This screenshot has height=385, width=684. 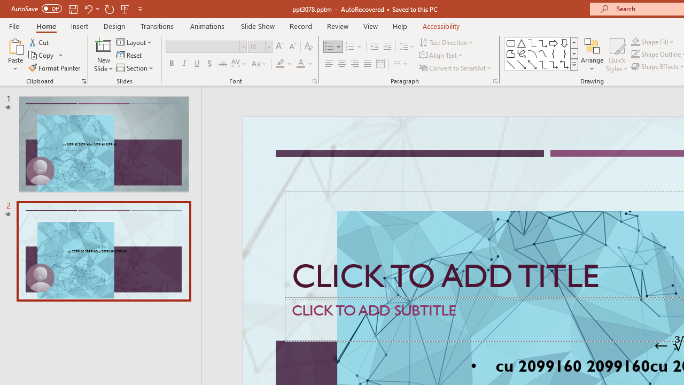 I want to click on 'View', so click(x=370, y=26).